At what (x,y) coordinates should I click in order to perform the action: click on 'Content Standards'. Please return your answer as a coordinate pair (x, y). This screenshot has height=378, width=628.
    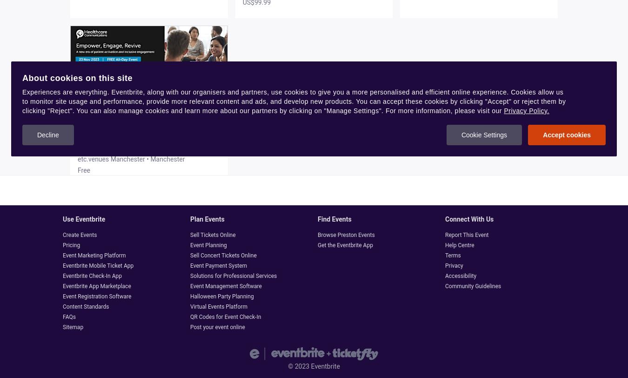
    Looking at the image, I should click on (86, 307).